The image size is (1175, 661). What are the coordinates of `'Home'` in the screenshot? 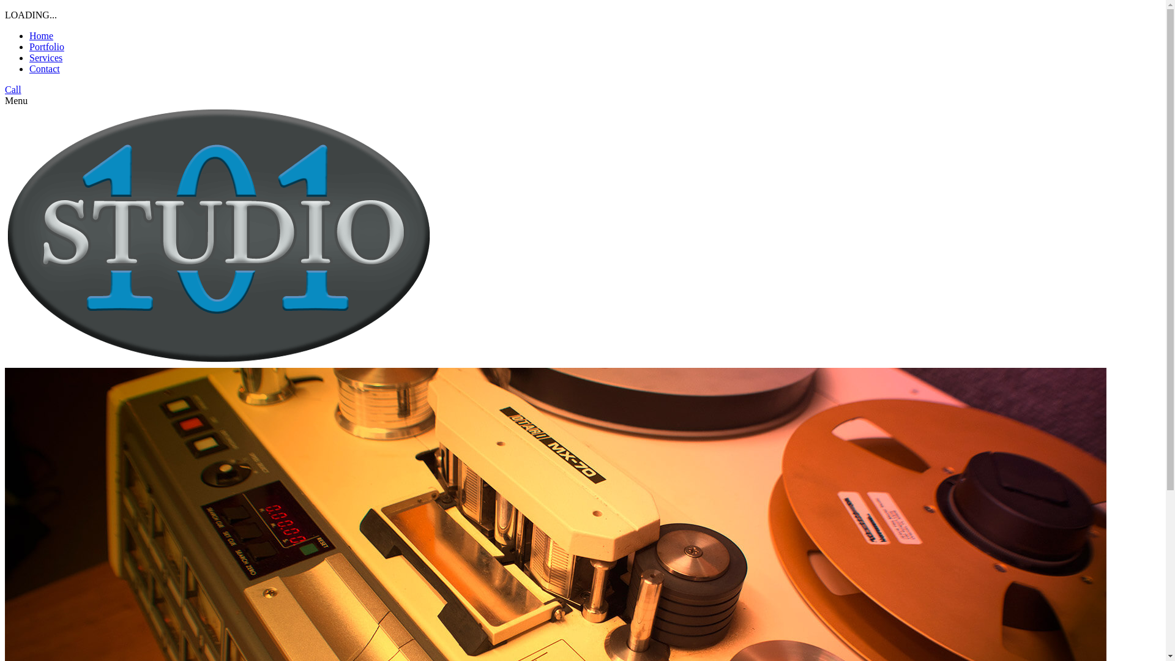 It's located at (41, 35).